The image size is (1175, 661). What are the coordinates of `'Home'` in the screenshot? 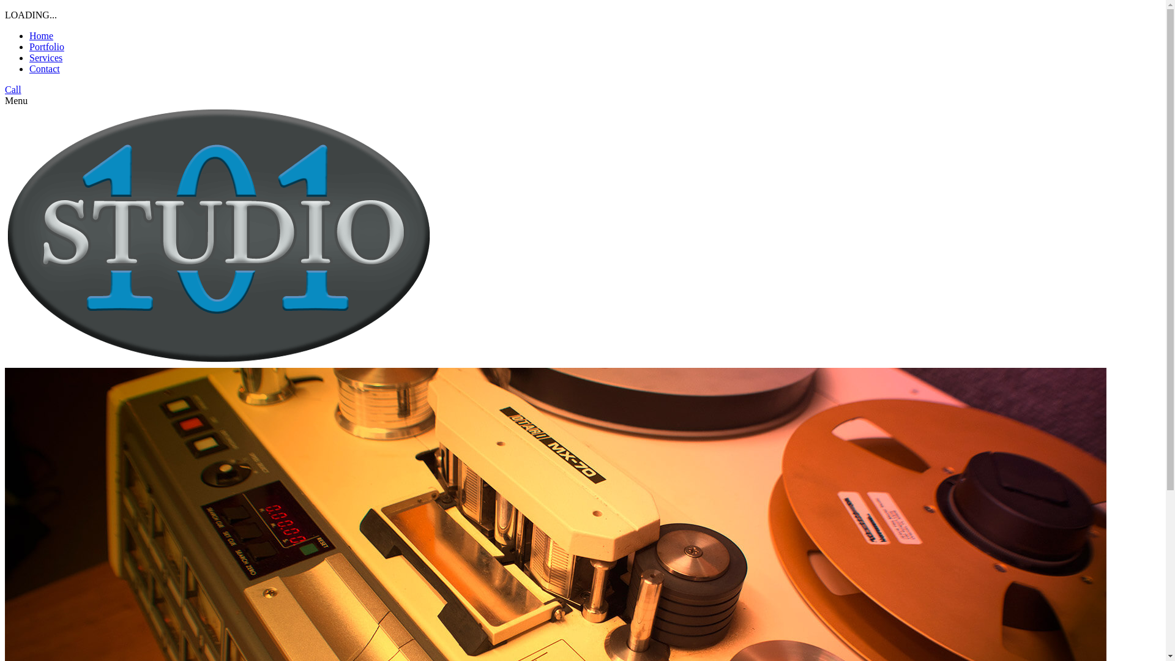 It's located at (41, 35).